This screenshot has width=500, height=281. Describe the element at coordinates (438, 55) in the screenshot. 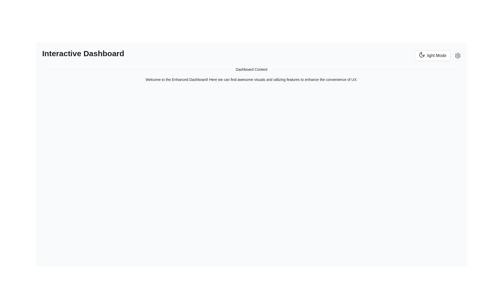

I see `the toggle button (theme switcher) located in the top-right corner of the interface, adjacent to the settings icon` at that location.